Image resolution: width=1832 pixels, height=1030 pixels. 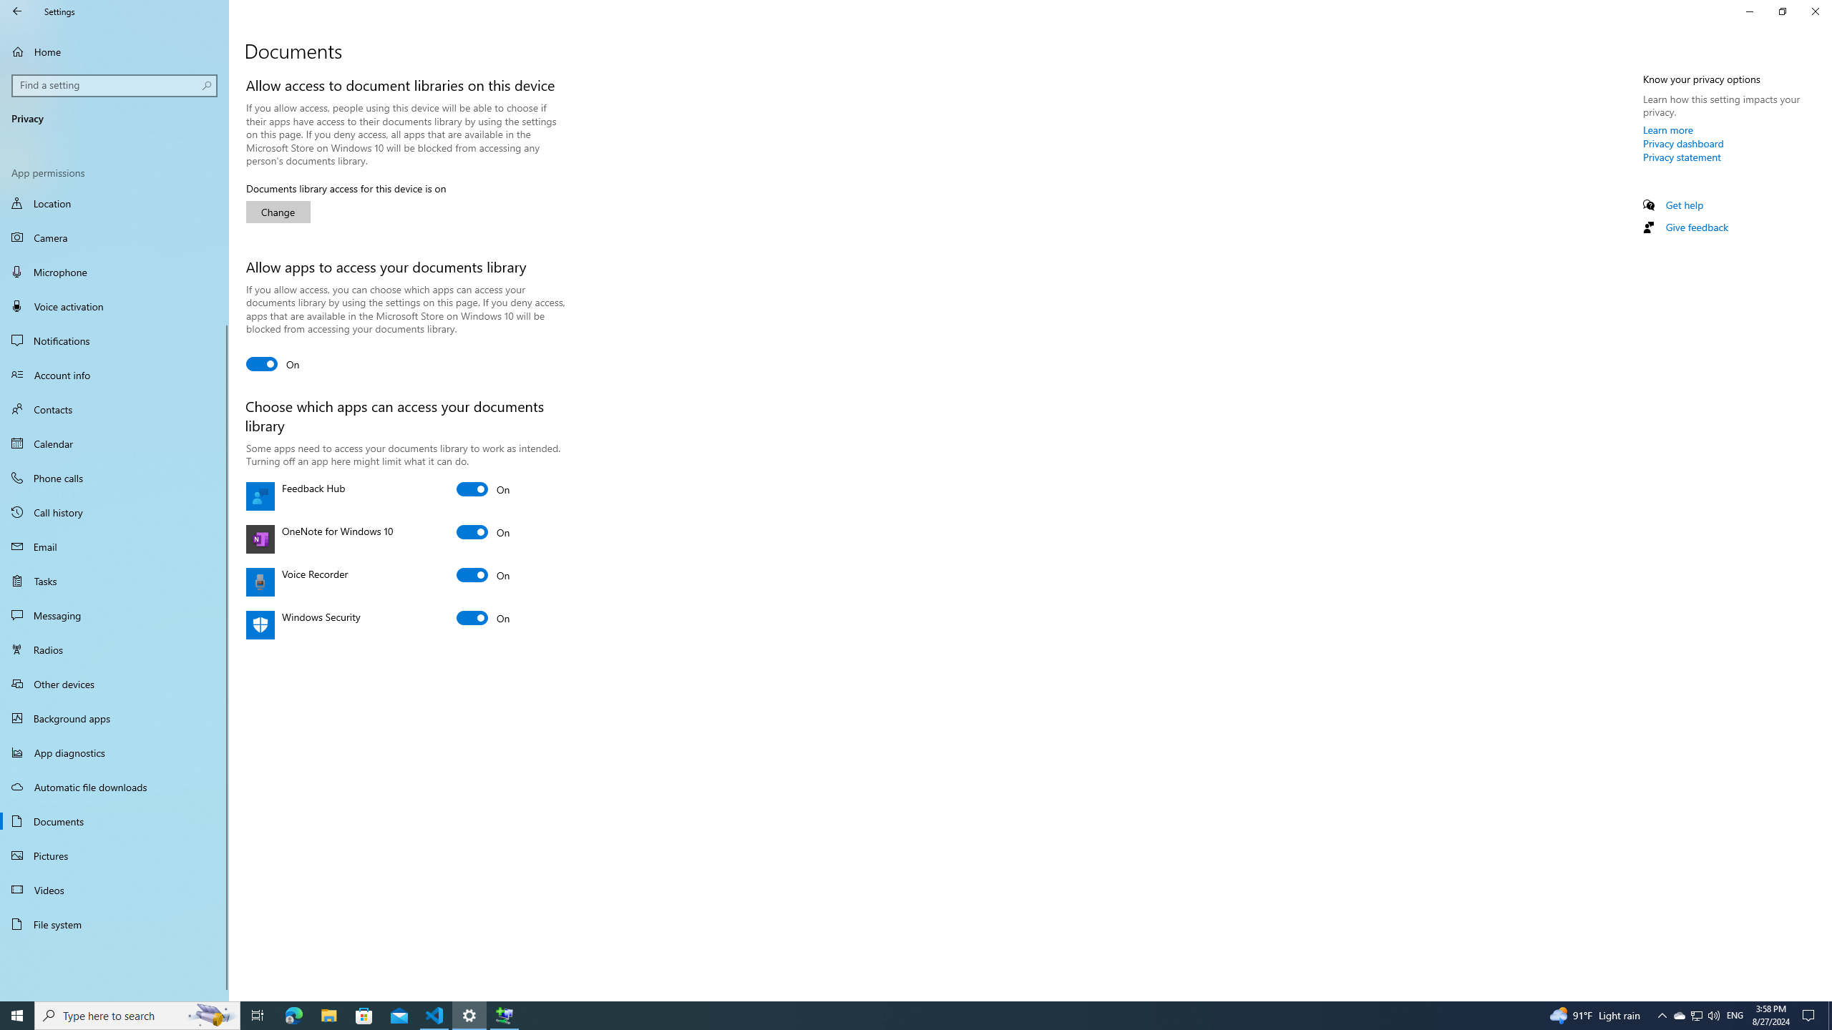 What do you see at coordinates (17, 11) in the screenshot?
I see `'Back'` at bounding box center [17, 11].